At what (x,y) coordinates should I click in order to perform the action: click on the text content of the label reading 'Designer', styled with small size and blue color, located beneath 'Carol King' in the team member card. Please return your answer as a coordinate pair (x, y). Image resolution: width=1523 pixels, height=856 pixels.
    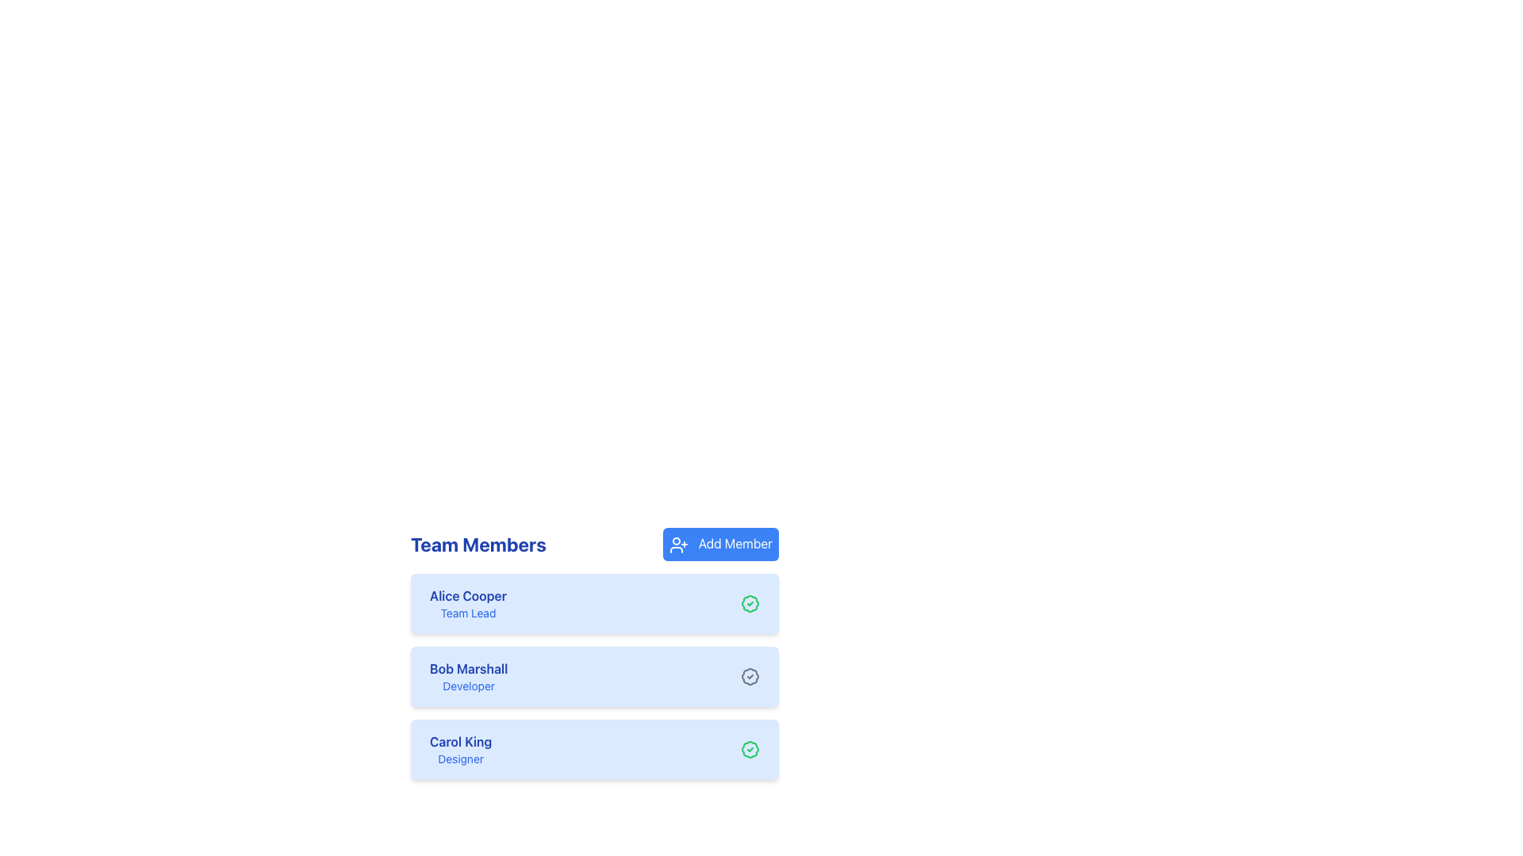
    Looking at the image, I should click on (460, 758).